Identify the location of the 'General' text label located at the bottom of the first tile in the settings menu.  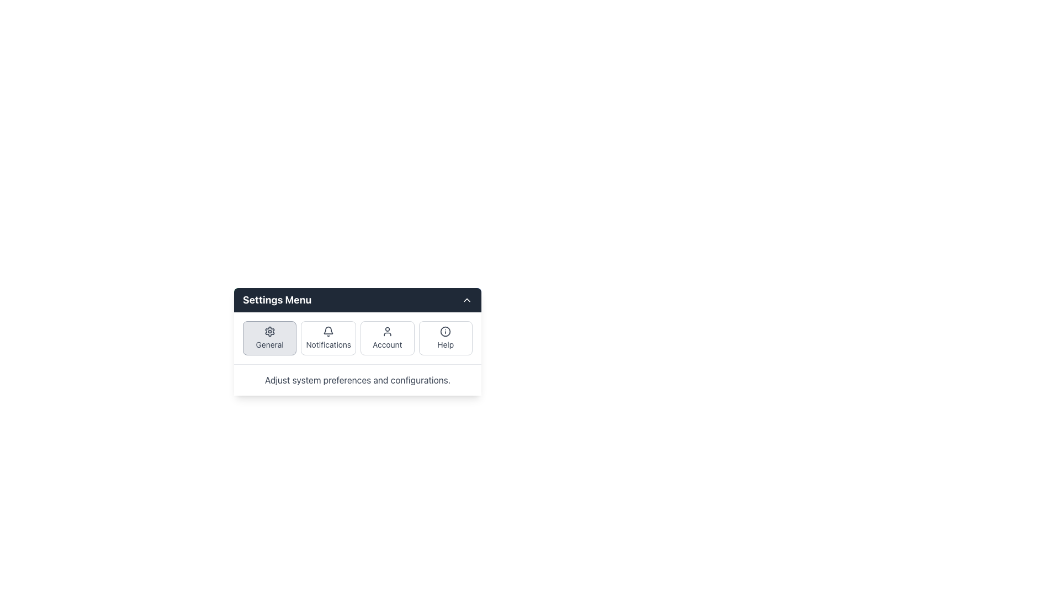
(269, 344).